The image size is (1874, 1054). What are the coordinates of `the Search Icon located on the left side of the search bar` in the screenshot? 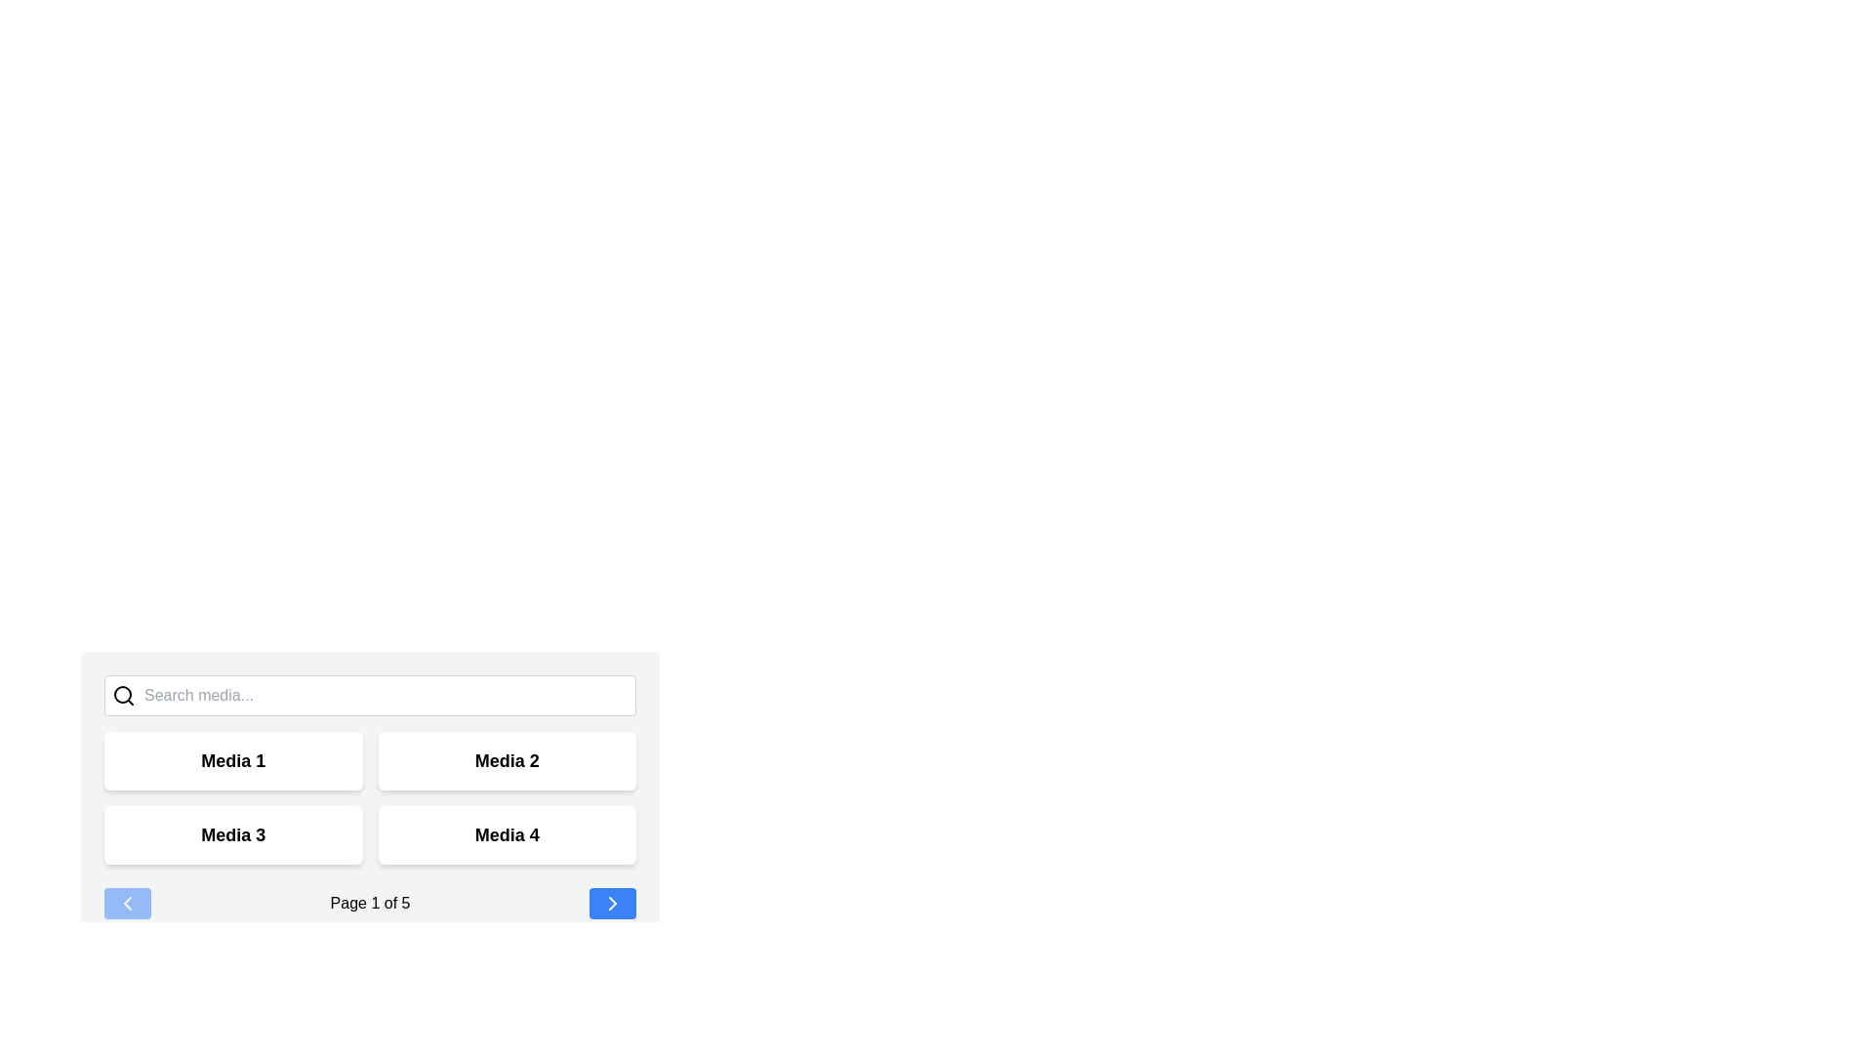 It's located at (122, 695).